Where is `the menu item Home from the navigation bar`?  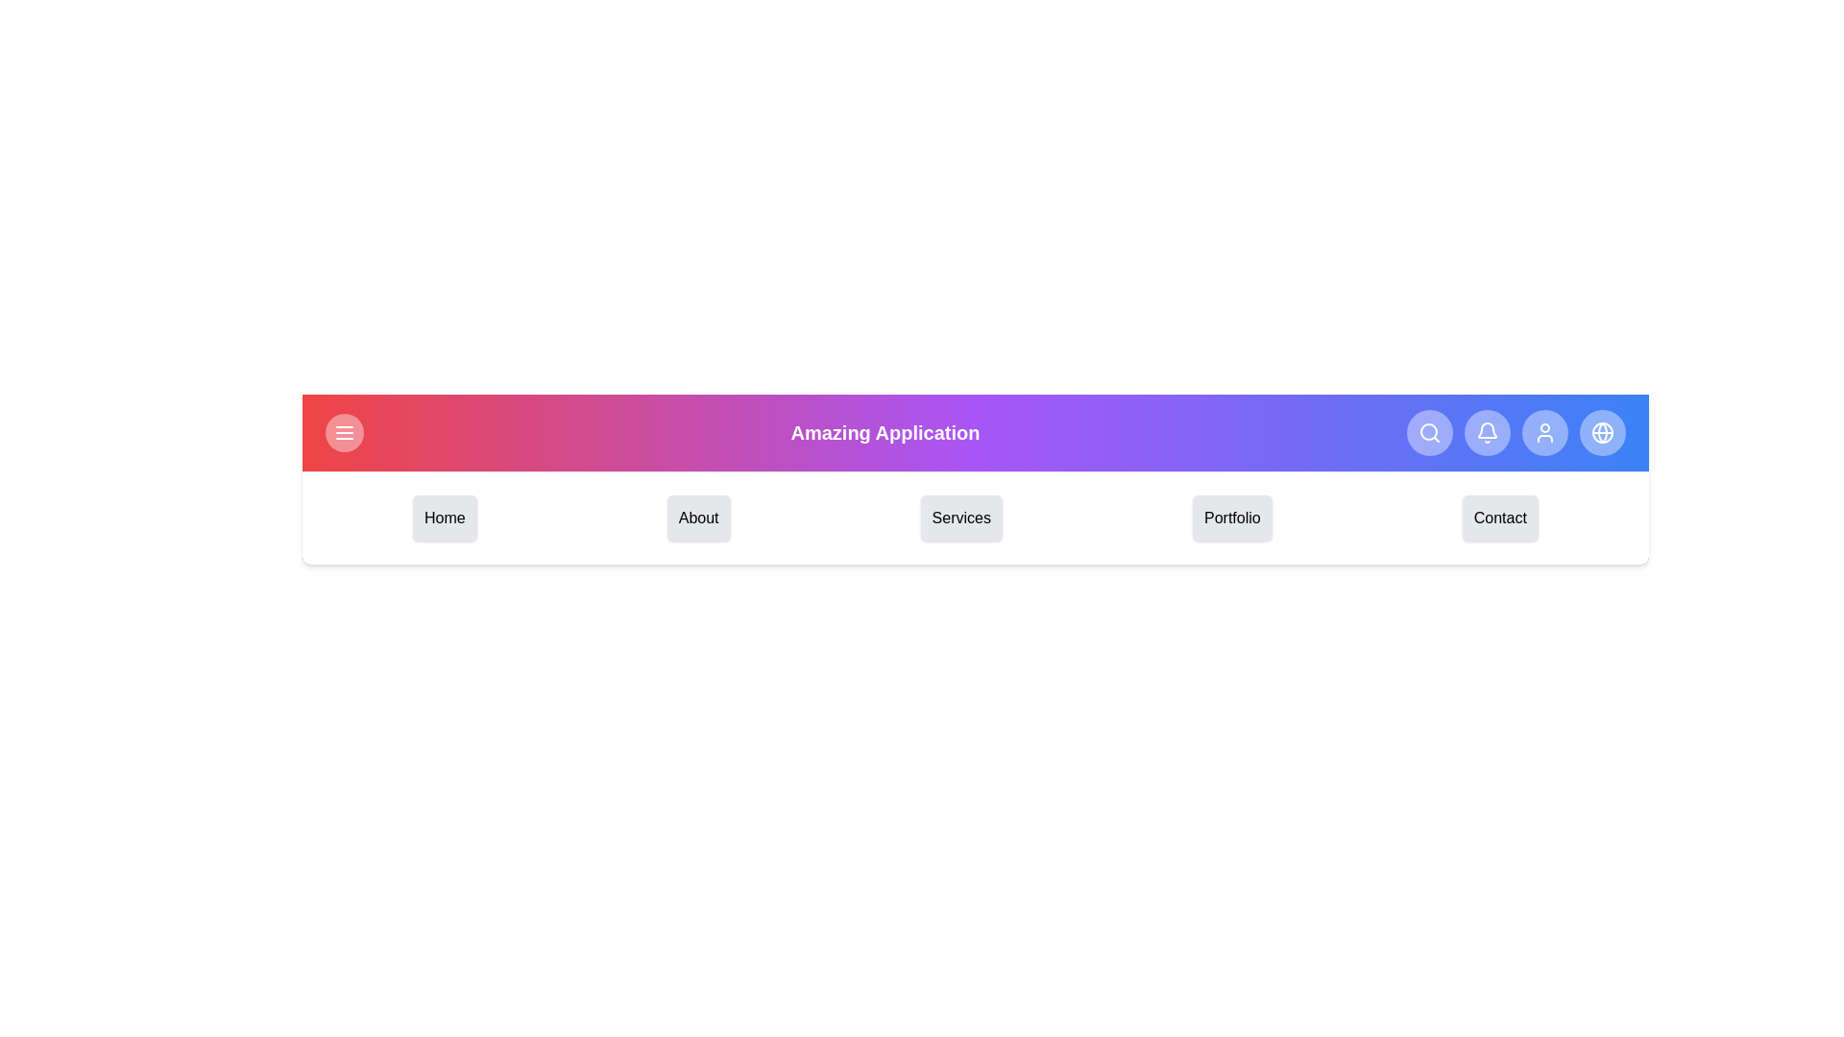 the menu item Home from the navigation bar is located at coordinates (443, 518).